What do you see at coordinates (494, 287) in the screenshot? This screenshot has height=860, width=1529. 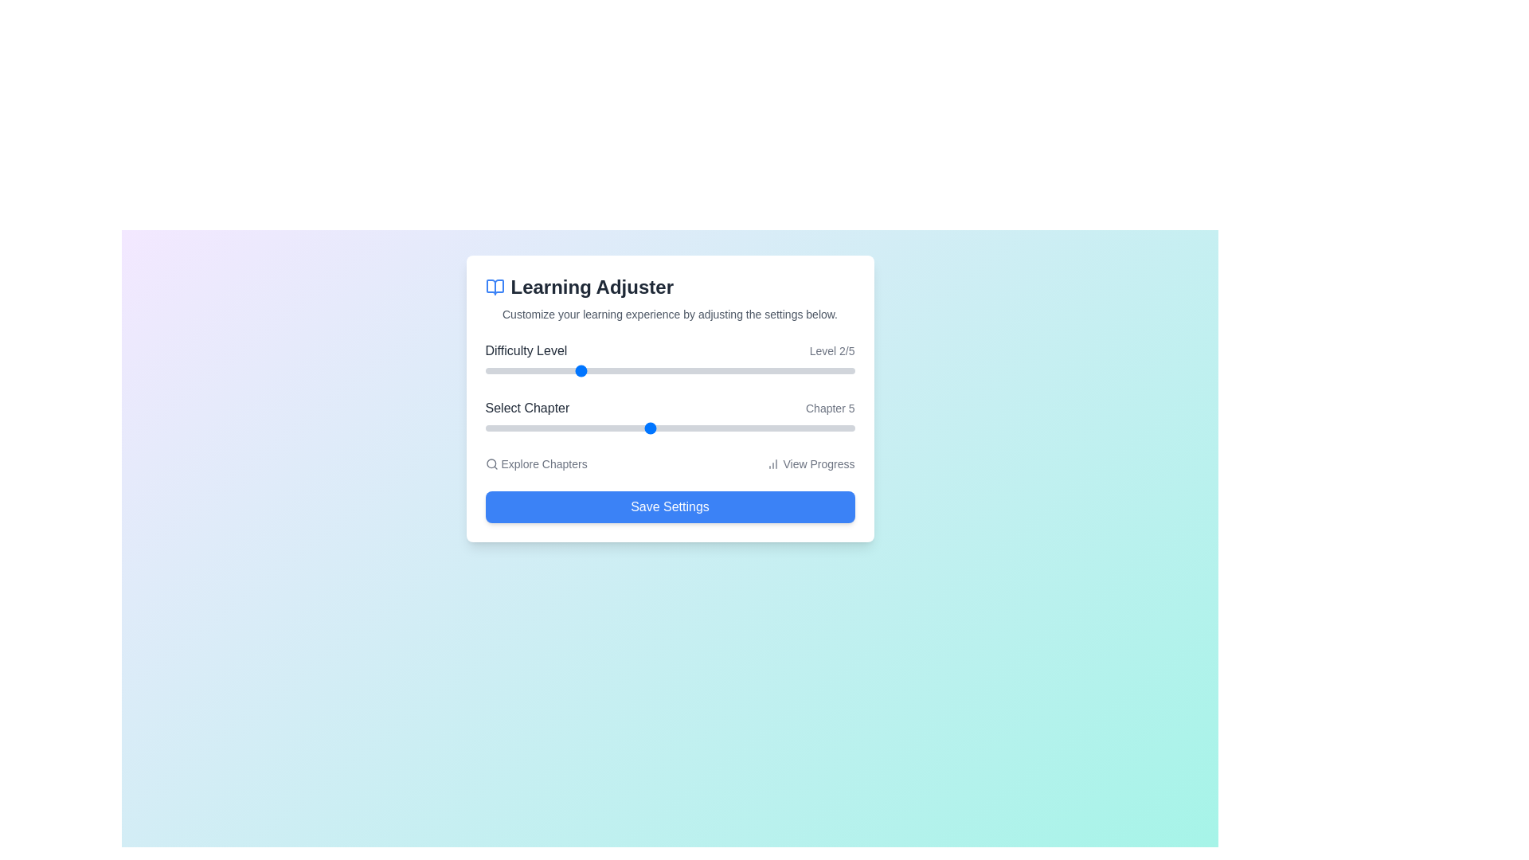 I see `the right page of the open book icon adjacent to the 'Learning Adjuster' title` at bounding box center [494, 287].